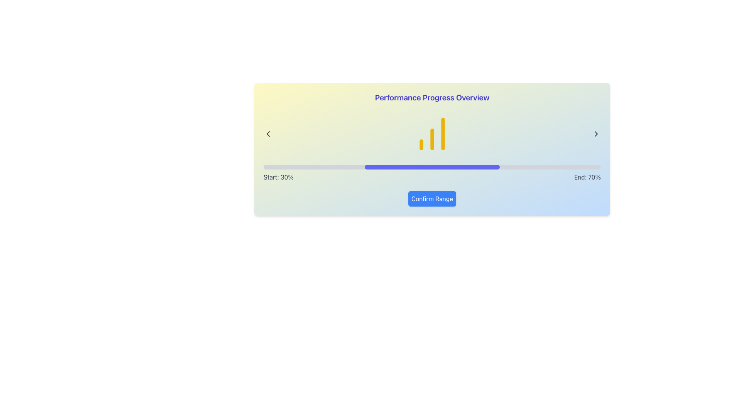 Image resolution: width=741 pixels, height=417 pixels. Describe the element at coordinates (268, 134) in the screenshot. I see `the left-pointing chevron arrow icon` at that location.